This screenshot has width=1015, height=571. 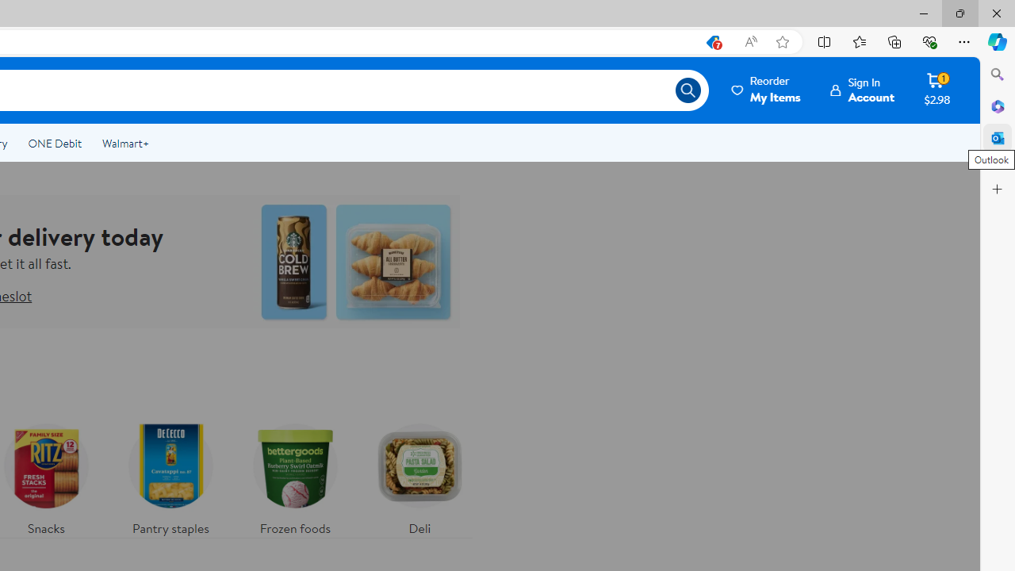 I want to click on 'Reorder My Items', so click(x=767, y=90).